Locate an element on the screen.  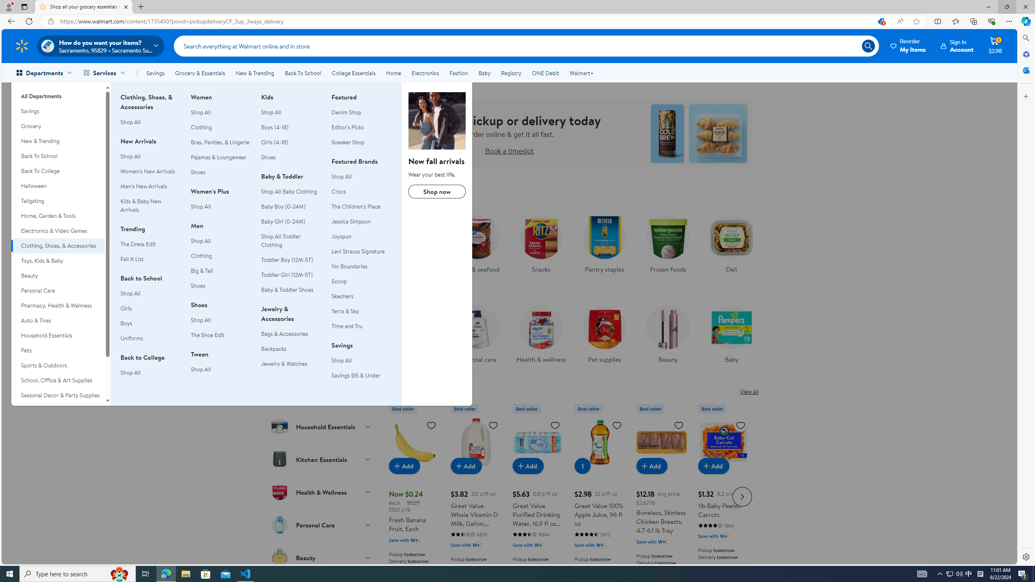
'Jewelry & Watches' is located at coordinates (283, 364).